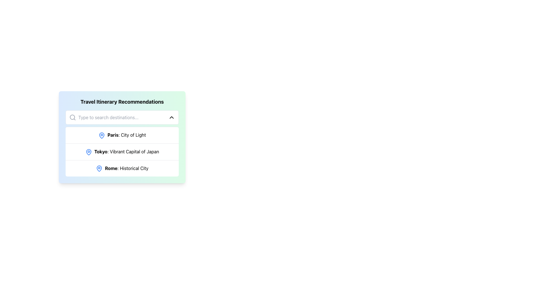 This screenshot has height=305, width=543. What do you see at coordinates (99, 168) in the screenshot?
I see `the blue map pin icon located to the left of the text 'Rome: Historical City' in the third row of the travel recommendations list` at bounding box center [99, 168].